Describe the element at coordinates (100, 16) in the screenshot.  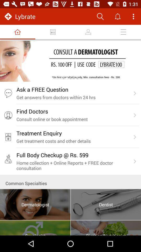
I see `search` at that location.